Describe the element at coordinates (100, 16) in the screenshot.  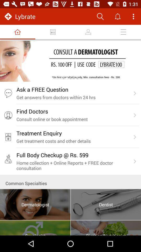
I see `search` at that location.